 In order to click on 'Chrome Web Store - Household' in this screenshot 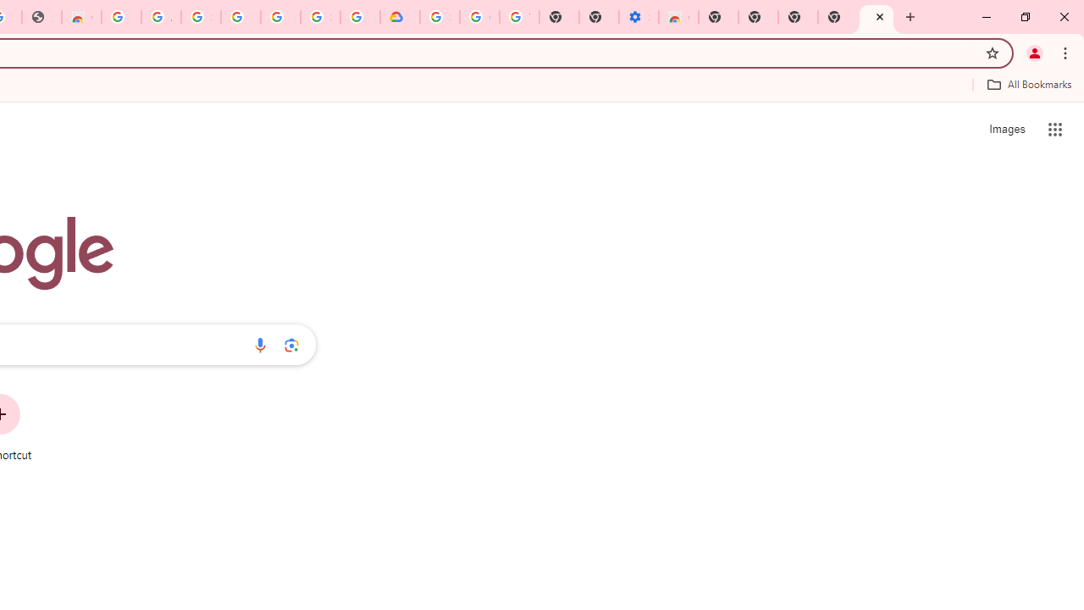, I will do `click(80, 17)`.